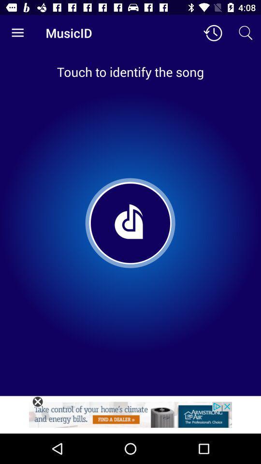  I want to click on open advertisement, so click(130, 417).